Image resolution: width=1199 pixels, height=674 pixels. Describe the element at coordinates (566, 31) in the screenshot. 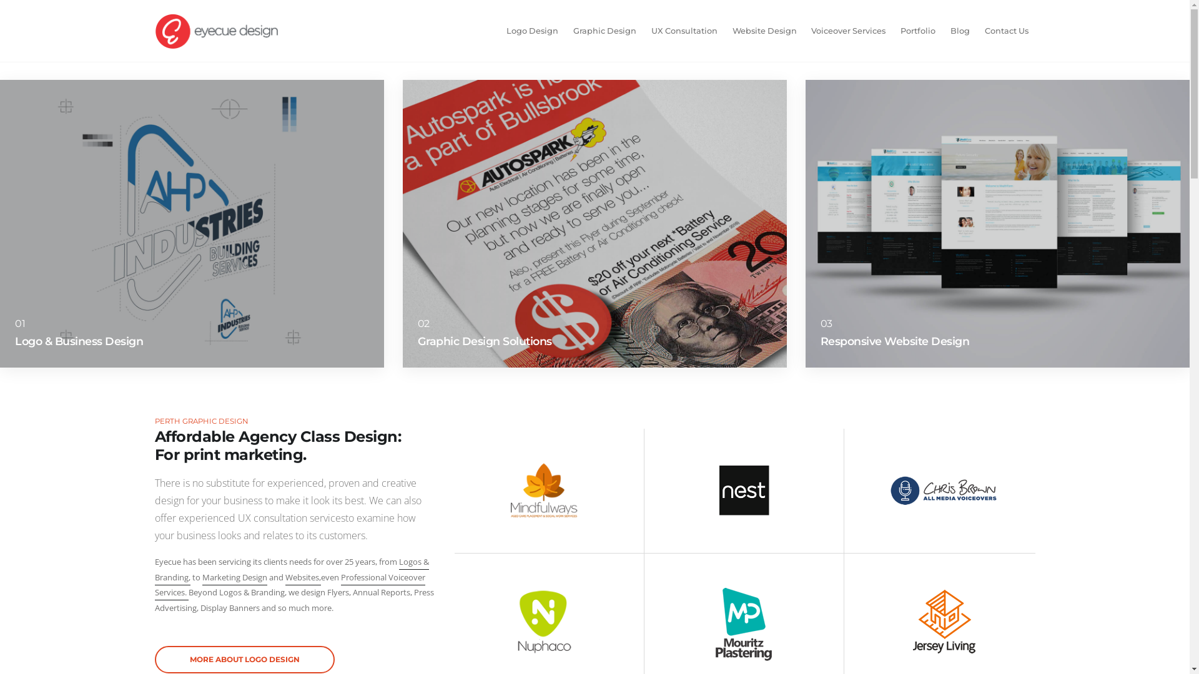

I see `'Graphic Design'` at that location.